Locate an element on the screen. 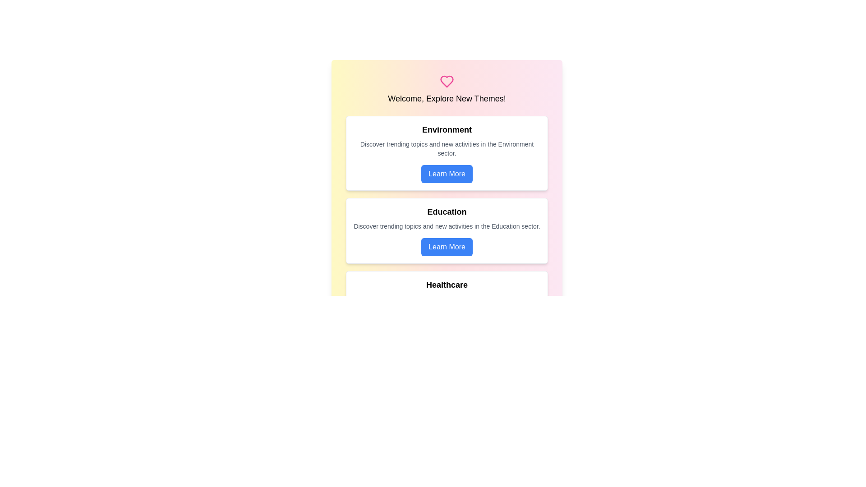 This screenshot has height=487, width=866. the descriptive text block for the 'Education' theme located centrally beneath the 'Education' header and above the 'Learn More' button in the second card of a vertical stack is located at coordinates (447, 225).